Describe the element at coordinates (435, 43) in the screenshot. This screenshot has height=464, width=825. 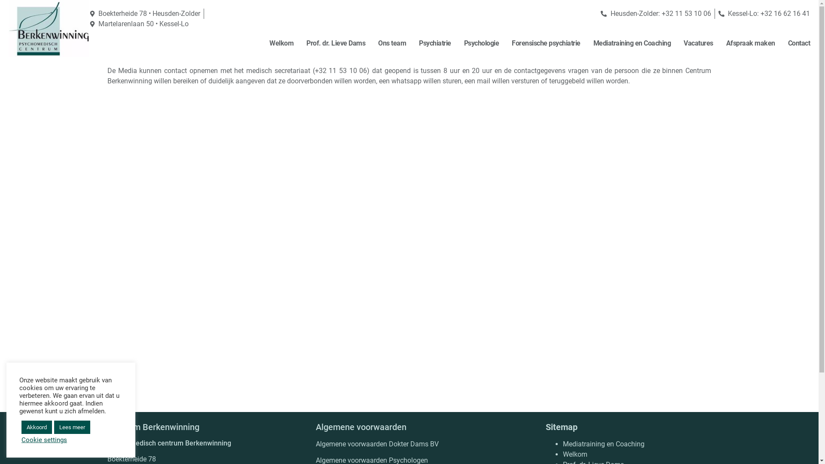
I see `'Psychiatrie'` at that location.